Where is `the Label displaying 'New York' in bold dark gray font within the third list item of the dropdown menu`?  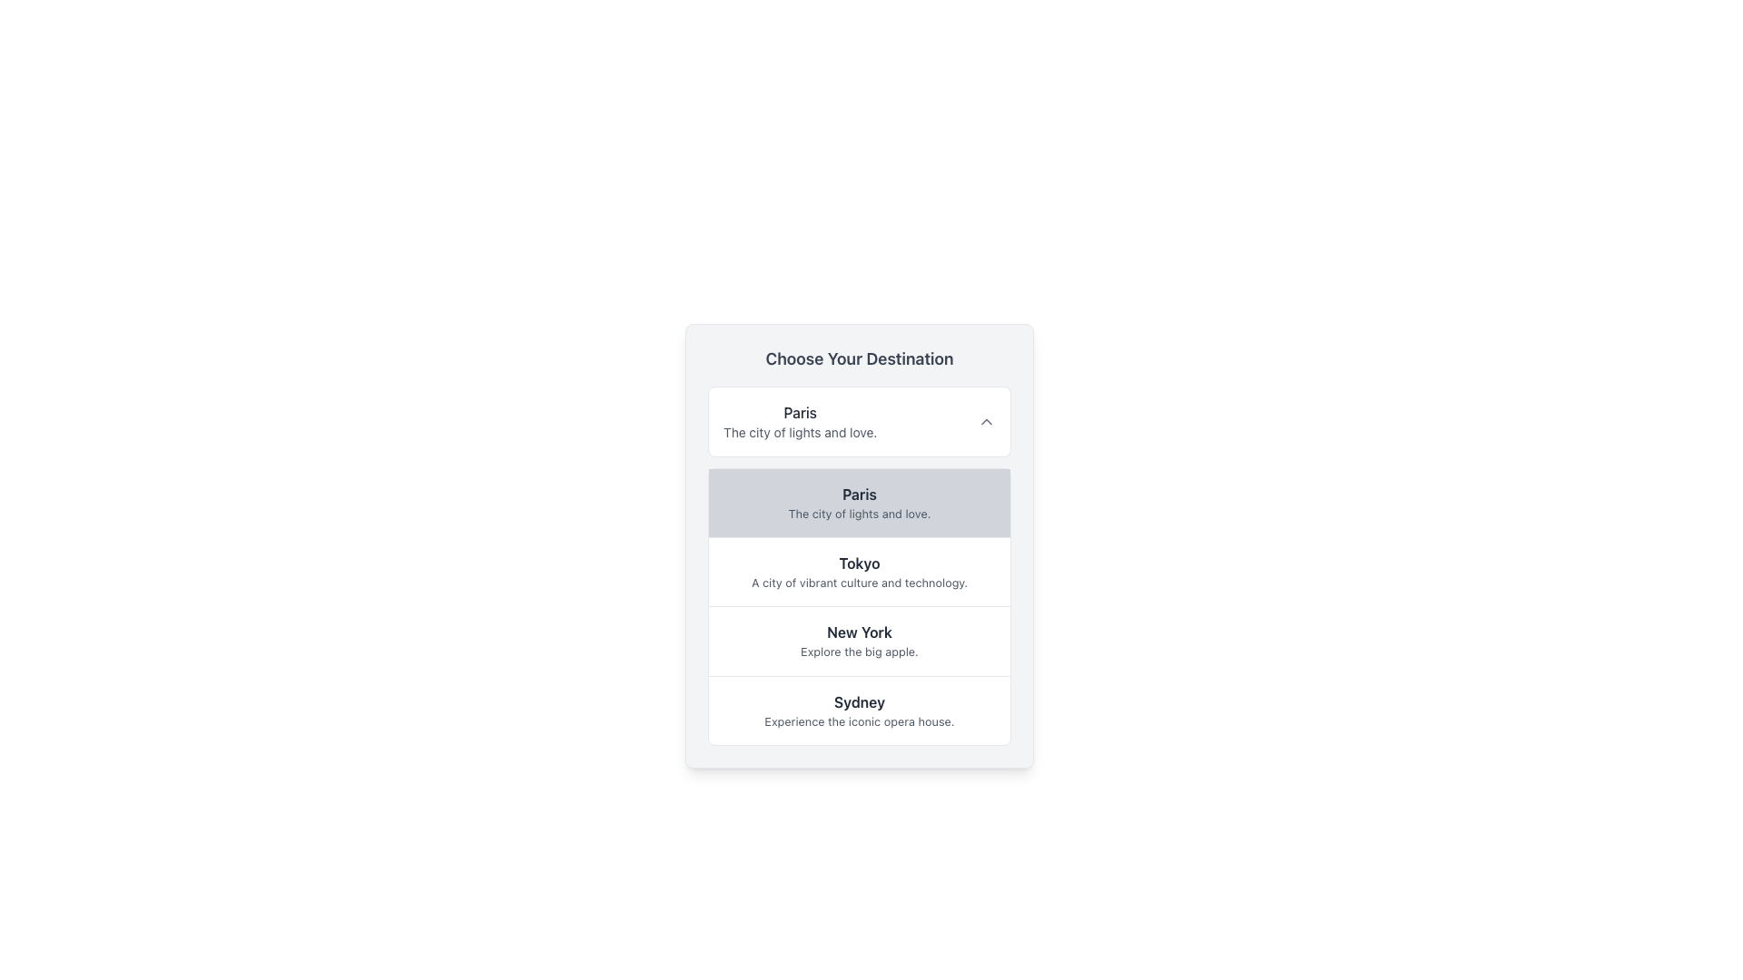
the Label displaying 'New York' in bold dark gray font within the third list item of the dropdown menu is located at coordinates (858, 632).